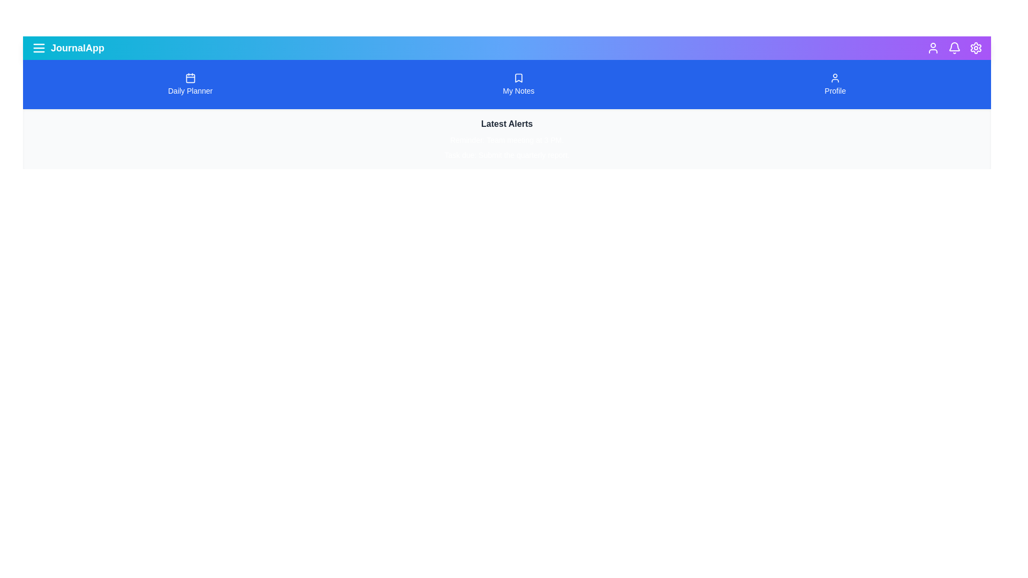  I want to click on the user profile icon to access user-related features, so click(932, 47).